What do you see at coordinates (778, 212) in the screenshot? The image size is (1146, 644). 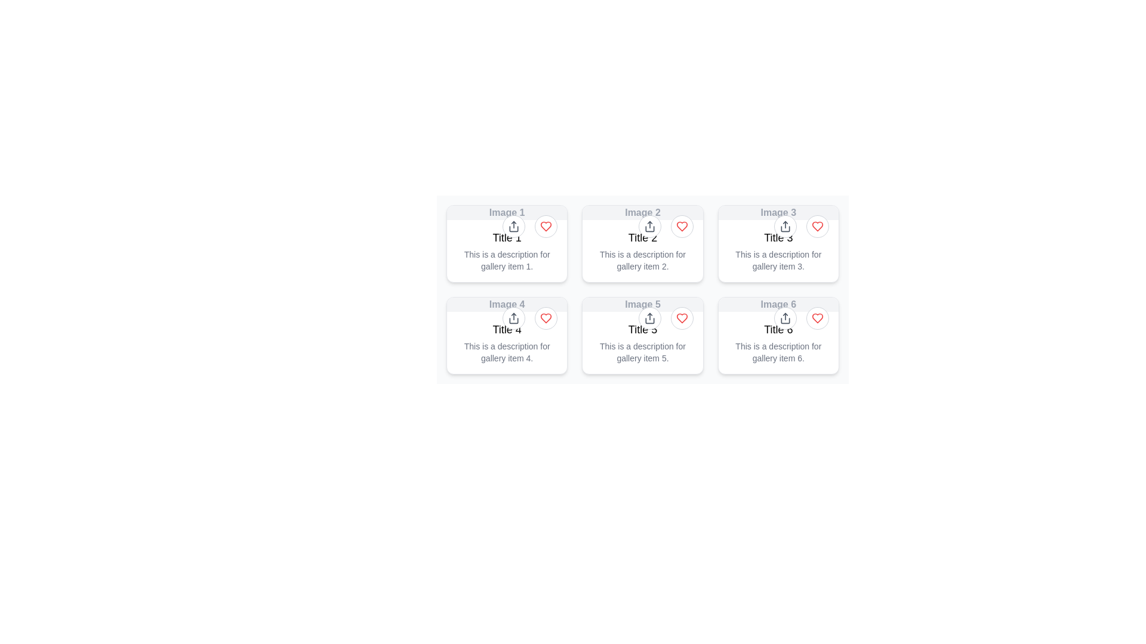 I see `the text label displaying 'Image 3', which is styled in gray semibold font and positioned above the title in the third item of the gallery card` at bounding box center [778, 212].